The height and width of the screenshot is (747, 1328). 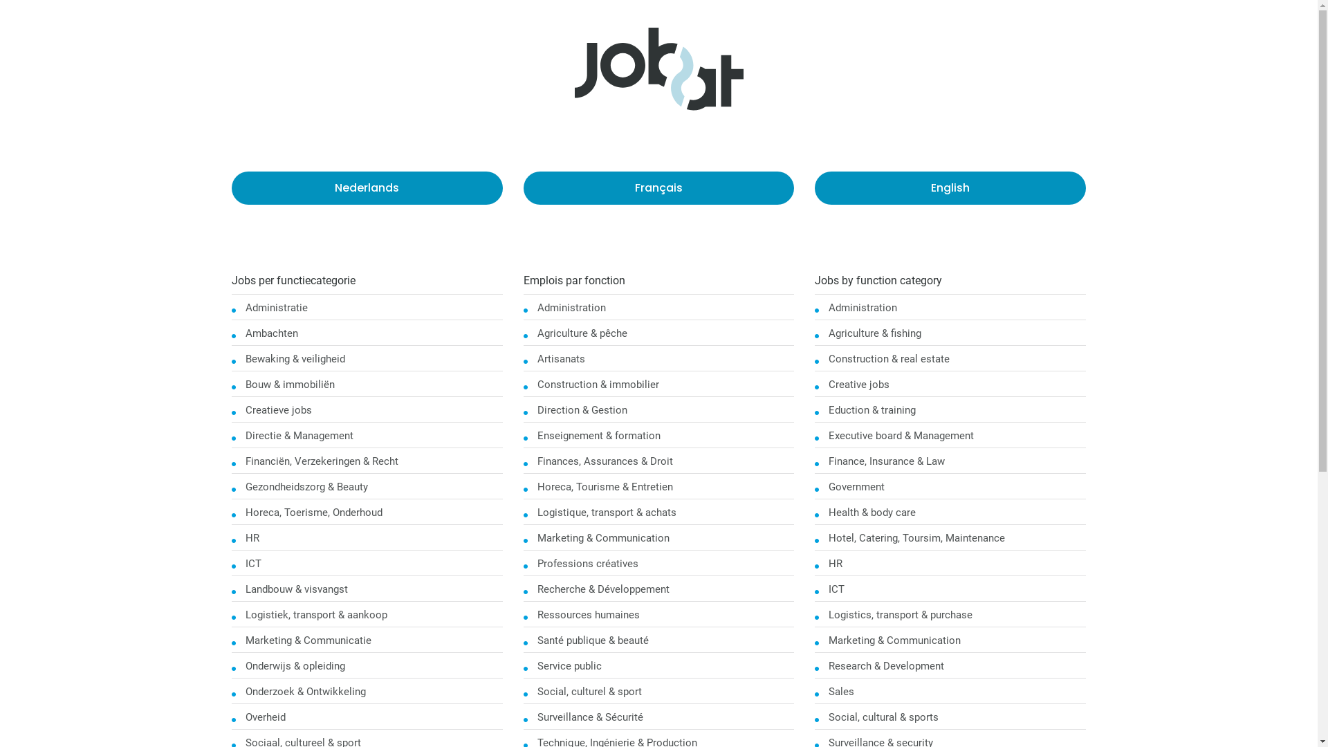 I want to click on 'Artisanats', so click(x=561, y=358).